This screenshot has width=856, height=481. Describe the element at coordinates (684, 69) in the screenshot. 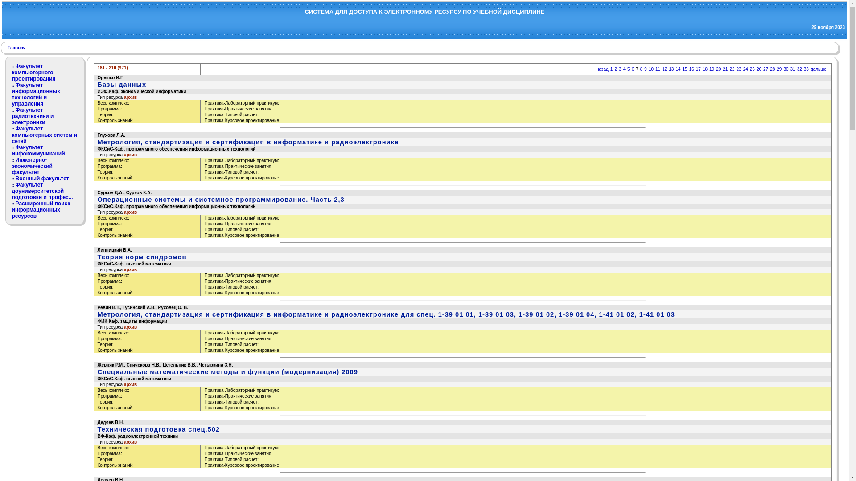

I see `'15'` at that location.